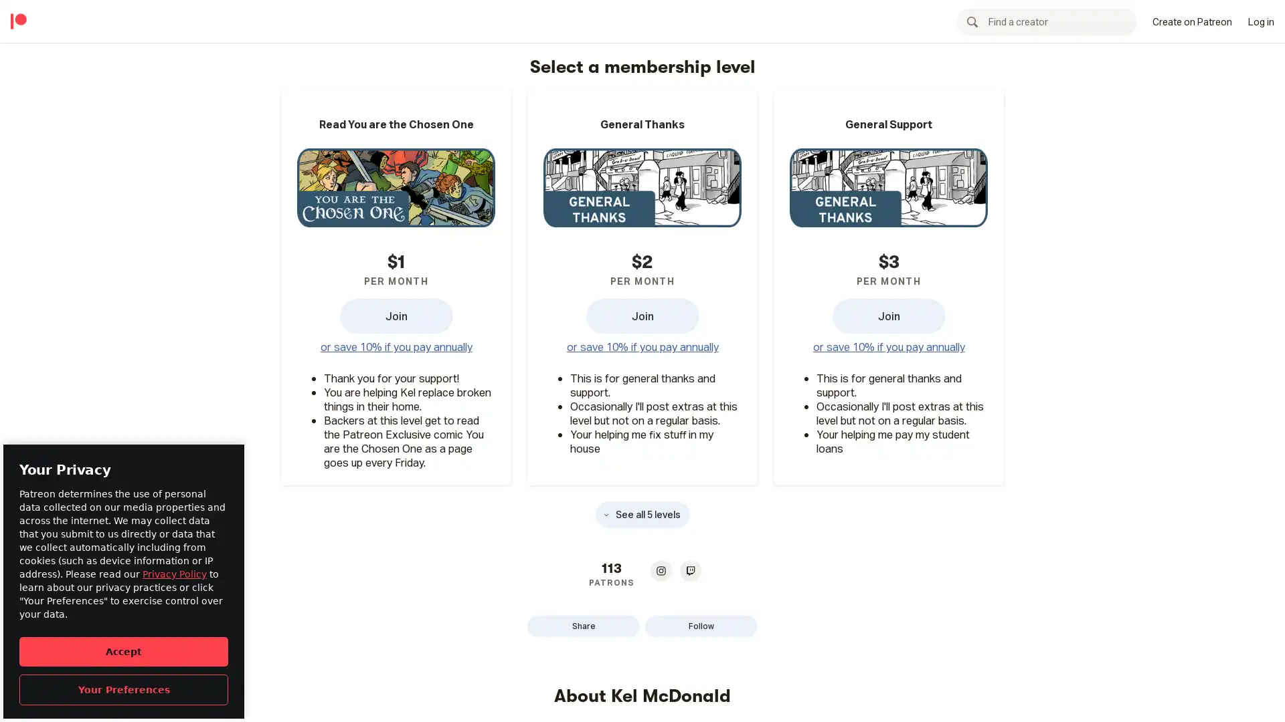  Describe the element at coordinates (641, 315) in the screenshot. I see `General Thanks Join` at that location.